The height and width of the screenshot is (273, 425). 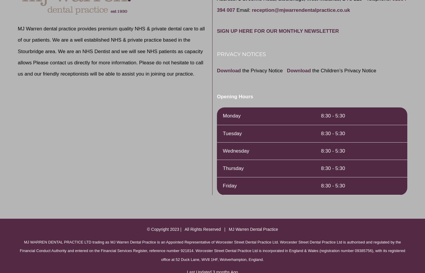 I want to click on 'Opening Hours', so click(x=216, y=96).